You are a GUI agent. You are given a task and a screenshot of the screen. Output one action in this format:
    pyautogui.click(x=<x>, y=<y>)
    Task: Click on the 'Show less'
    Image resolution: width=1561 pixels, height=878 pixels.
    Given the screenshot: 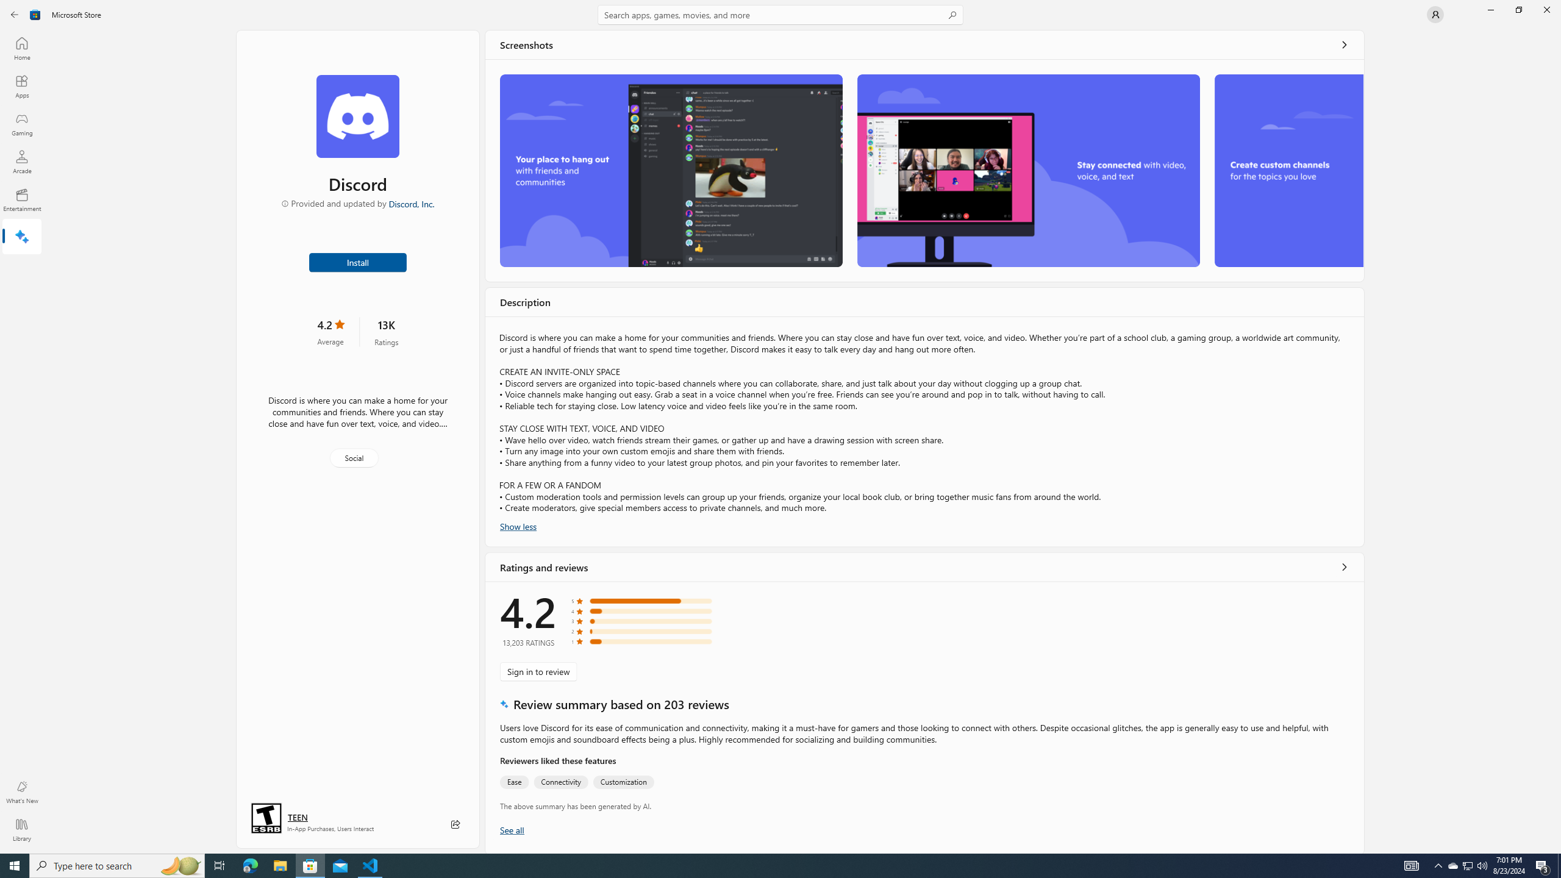 What is the action you would take?
    pyautogui.click(x=517, y=525)
    